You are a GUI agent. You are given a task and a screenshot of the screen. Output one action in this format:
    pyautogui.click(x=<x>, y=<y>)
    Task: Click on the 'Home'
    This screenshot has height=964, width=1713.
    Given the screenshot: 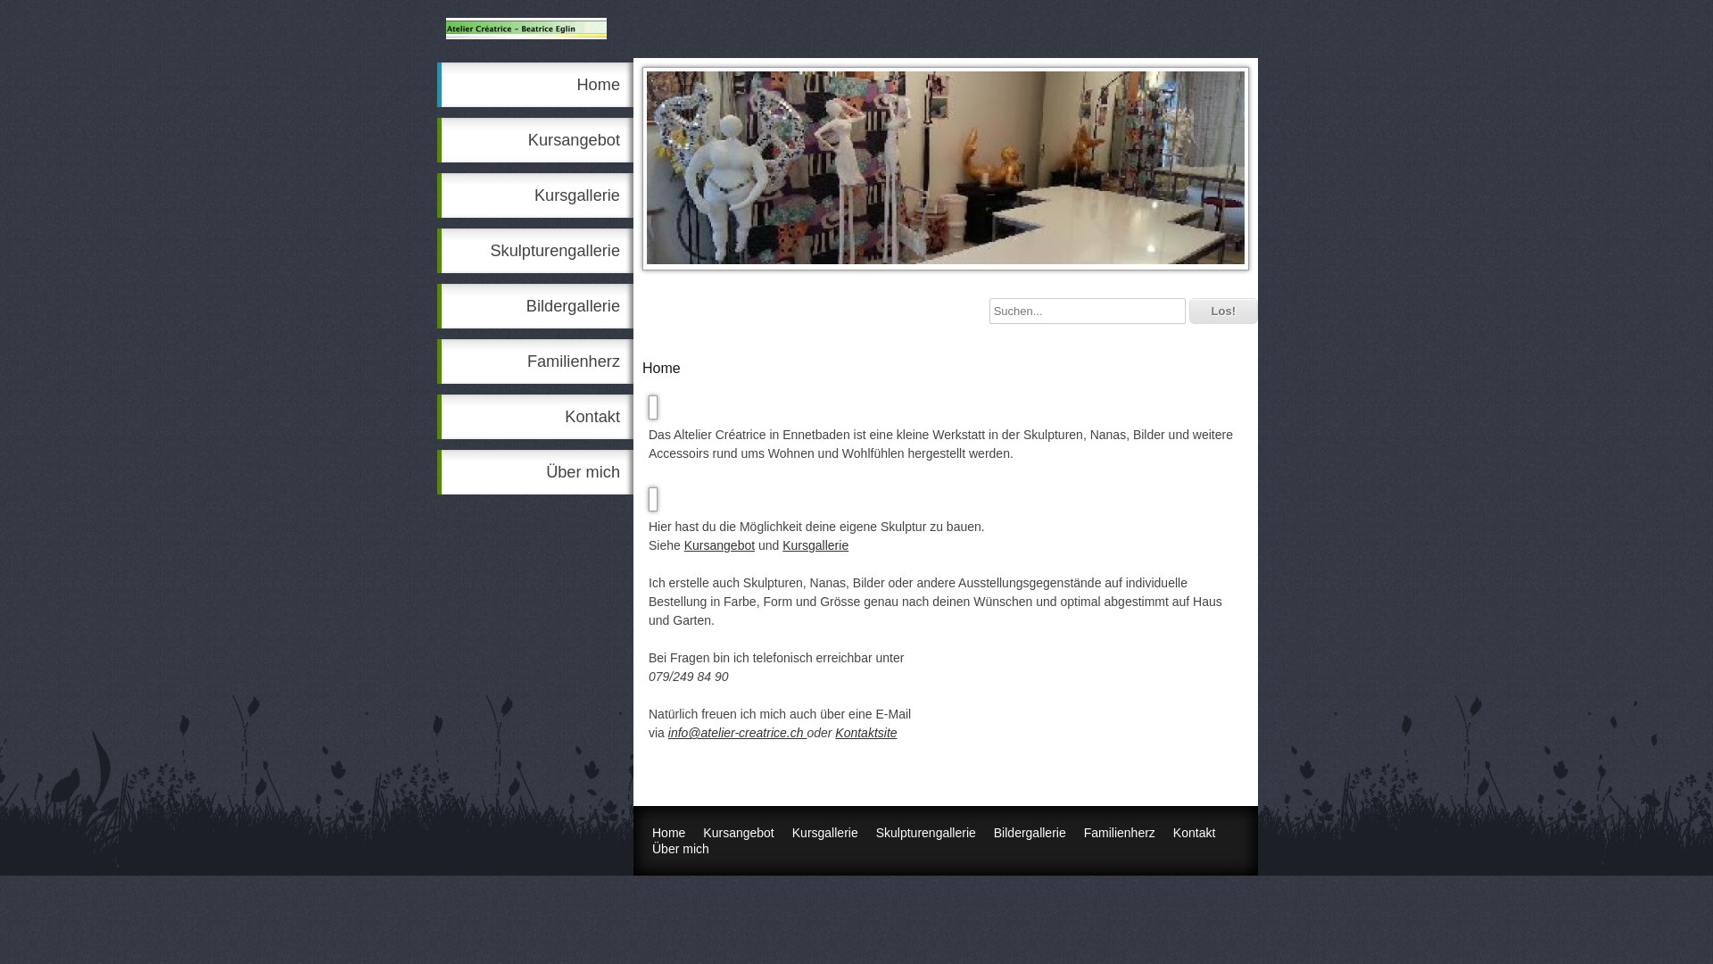 What is the action you would take?
    pyautogui.click(x=436, y=85)
    